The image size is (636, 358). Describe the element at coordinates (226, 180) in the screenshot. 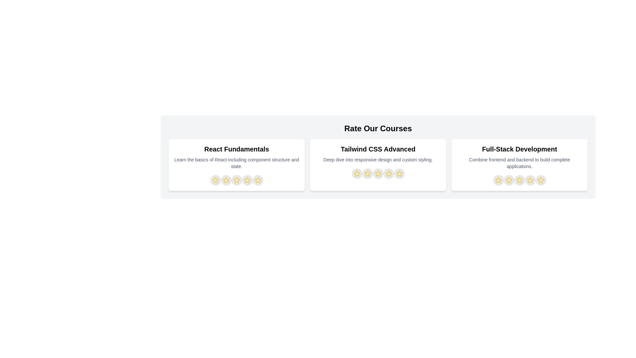

I see `the star representing 2 stars for the course titled React Fundamentals` at that location.